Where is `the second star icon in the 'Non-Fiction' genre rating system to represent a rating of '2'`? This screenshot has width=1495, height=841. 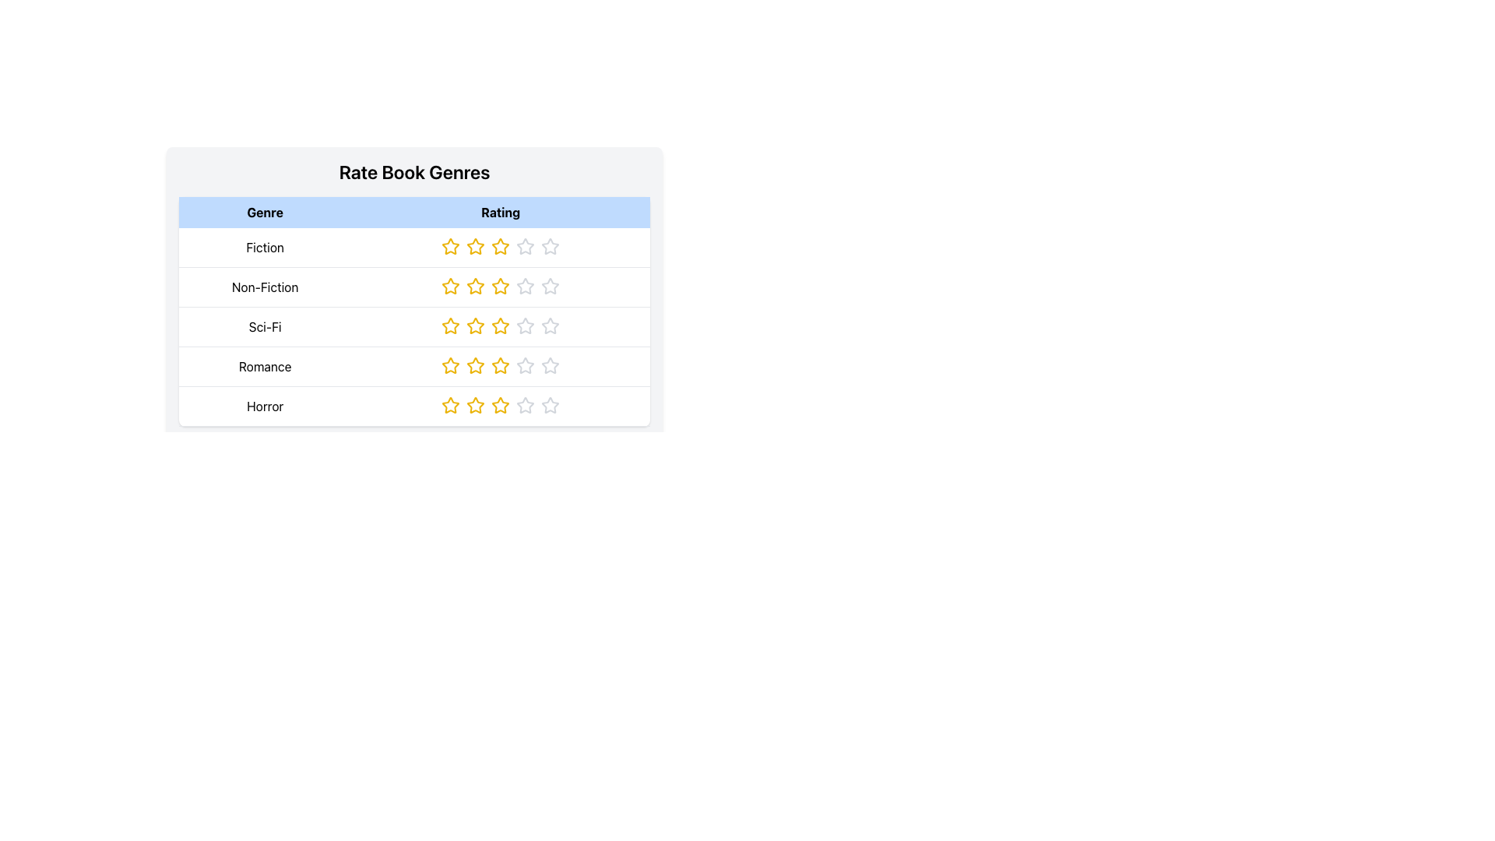
the second star icon in the 'Non-Fiction' genre rating system to represent a rating of '2' is located at coordinates (501, 285).